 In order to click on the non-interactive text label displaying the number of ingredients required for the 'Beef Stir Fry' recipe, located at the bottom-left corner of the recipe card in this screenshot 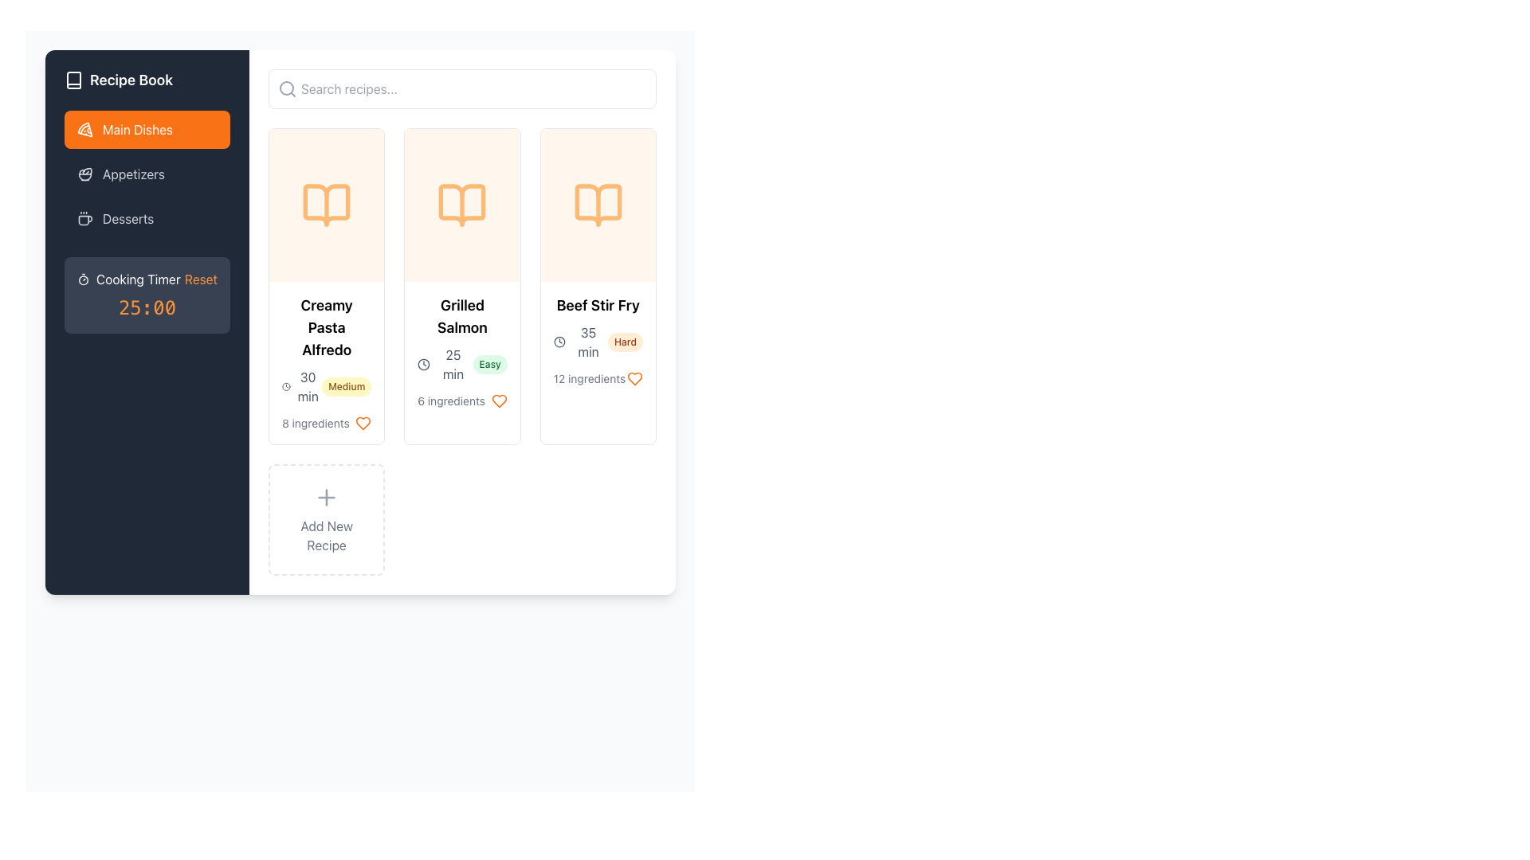, I will do `click(588, 378)`.